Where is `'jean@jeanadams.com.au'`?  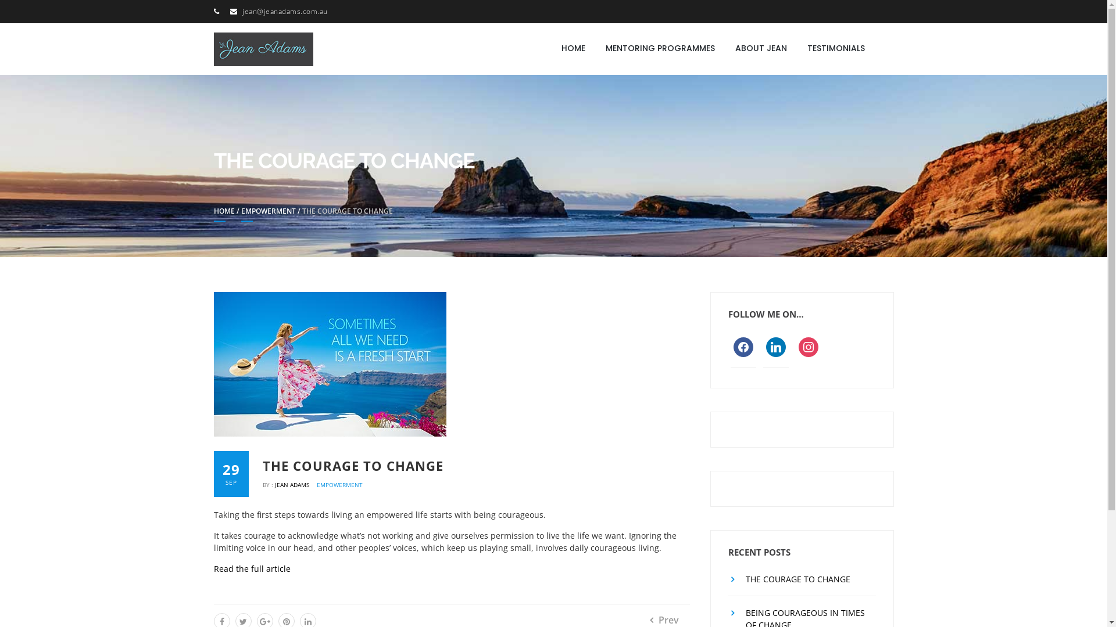
'jean@jeanadams.com.au' is located at coordinates (285, 11).